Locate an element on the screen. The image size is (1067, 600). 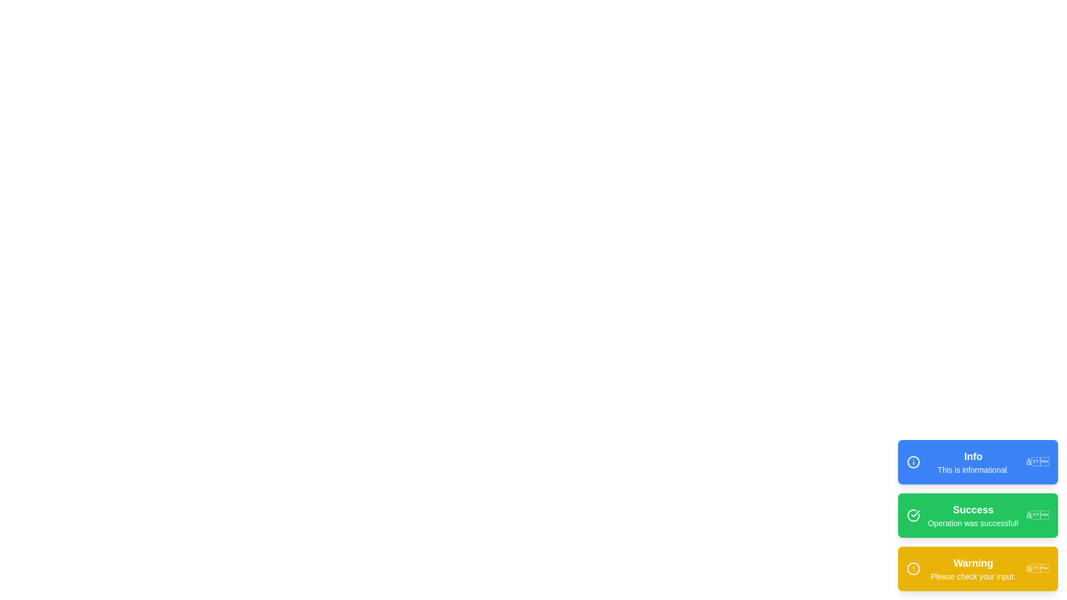
the positive notification Text Label located within the green notification card under the header 'Success'. This Text Label conveys a successful operation message and is positioned below the bold 'Success' text is located at coordinates (973, 523).